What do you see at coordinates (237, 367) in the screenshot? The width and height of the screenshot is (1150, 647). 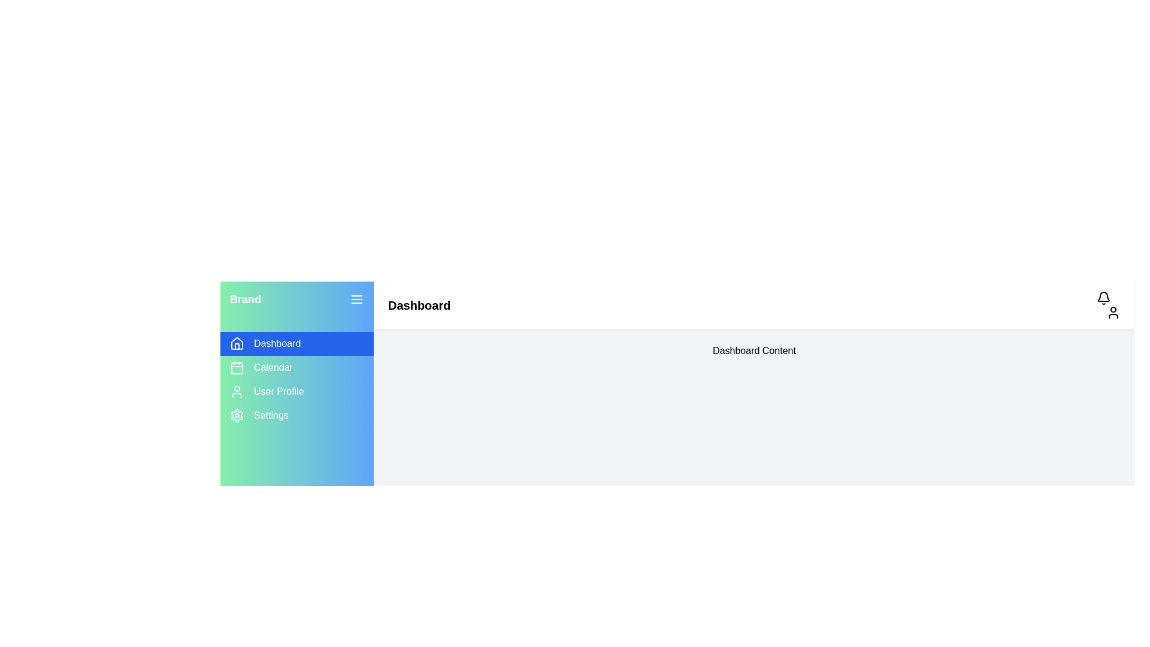 I see `the rectangular graphical component with rounded corners that represents the 'Calendar' option in the left sidebar navigation menu, located below the 'Dashboard' and above the 'User Profile'` at bounding box center [237, 367].